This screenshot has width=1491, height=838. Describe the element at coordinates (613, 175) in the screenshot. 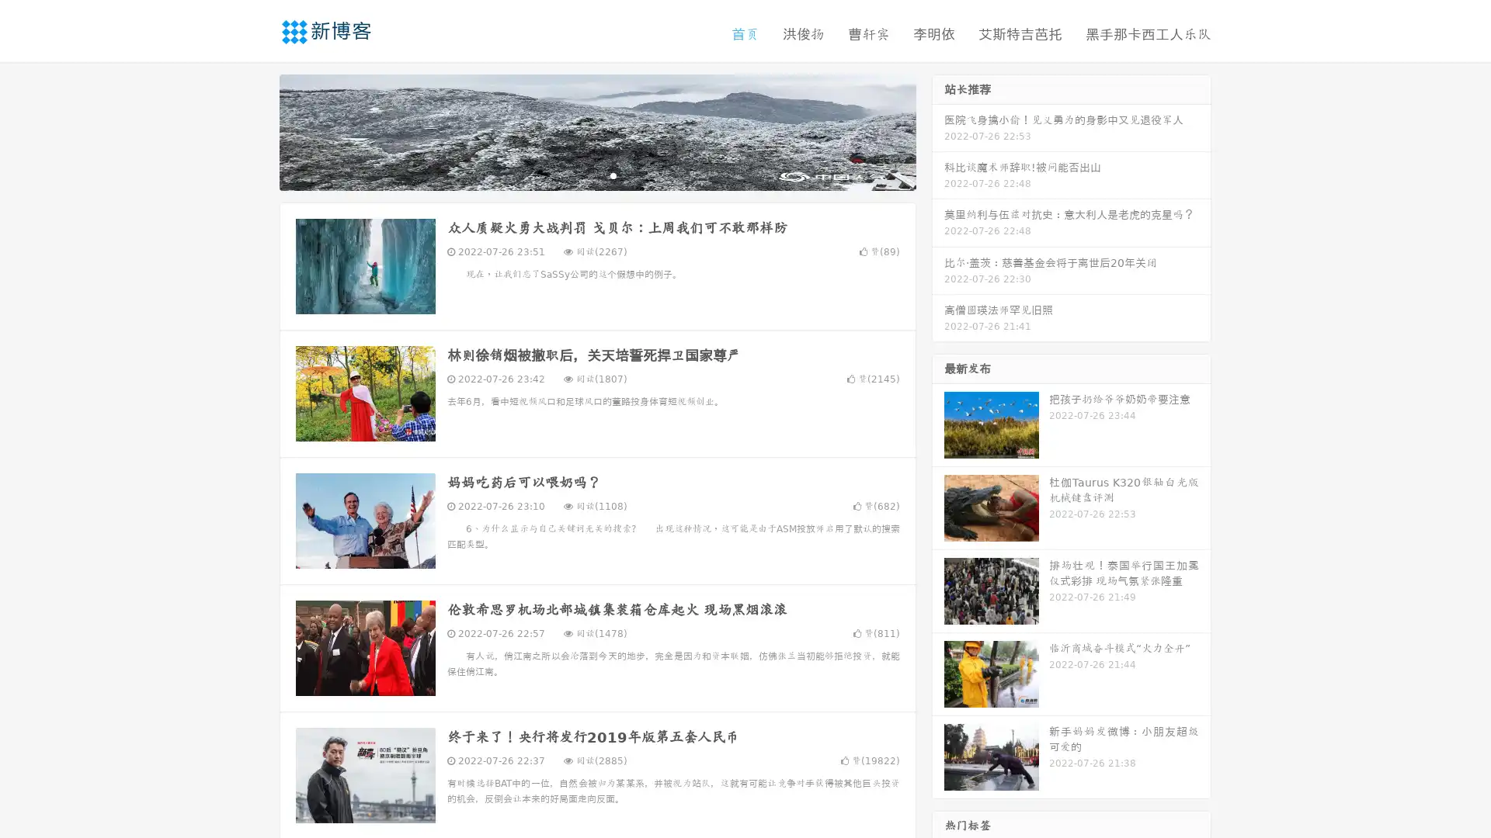

I see `Go to slide 3` at that location.